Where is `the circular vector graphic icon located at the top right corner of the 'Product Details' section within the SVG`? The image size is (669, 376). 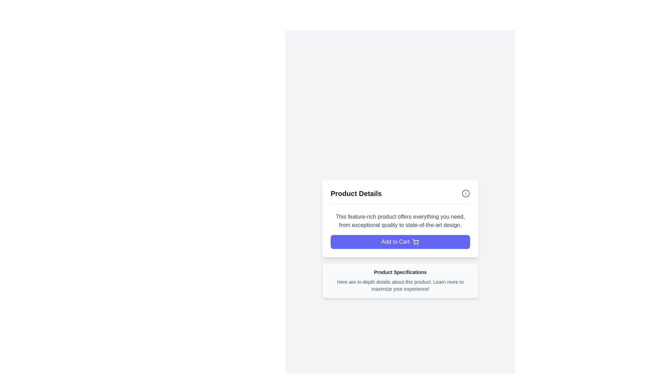
the circular vector graphic icon located at the top right corner of the 'Product Details' section within the SVG is located at coordinates (466, 193).